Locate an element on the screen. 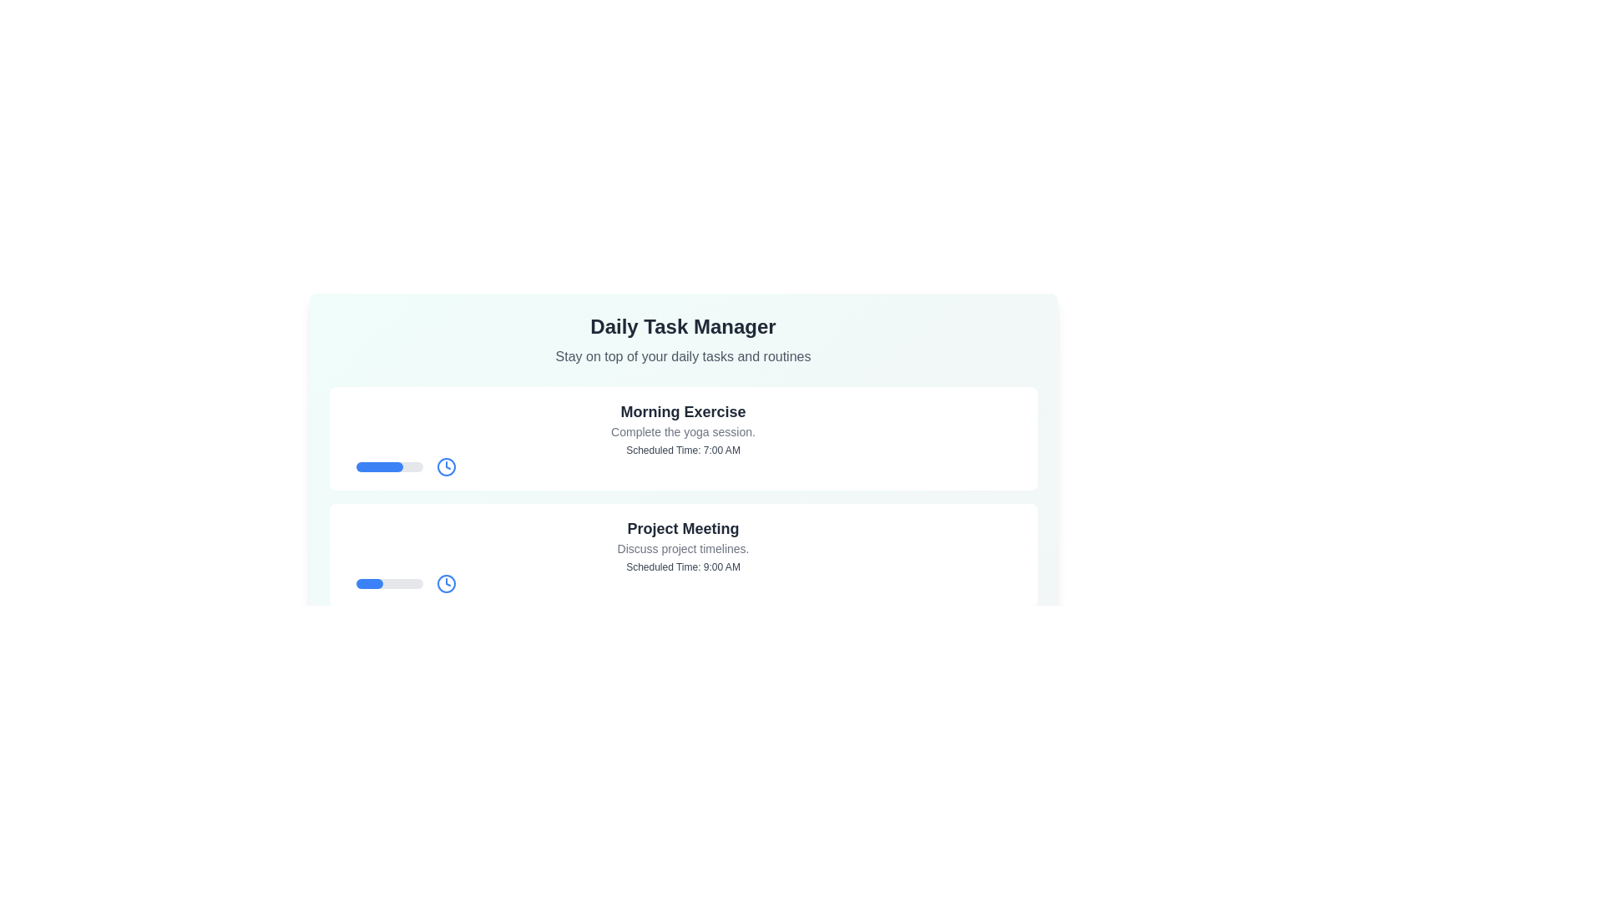  the Text Label displaying 'Complete the yoga session.' which is located below the 'Morning Exercise' title is located at coordinates (683, 430).